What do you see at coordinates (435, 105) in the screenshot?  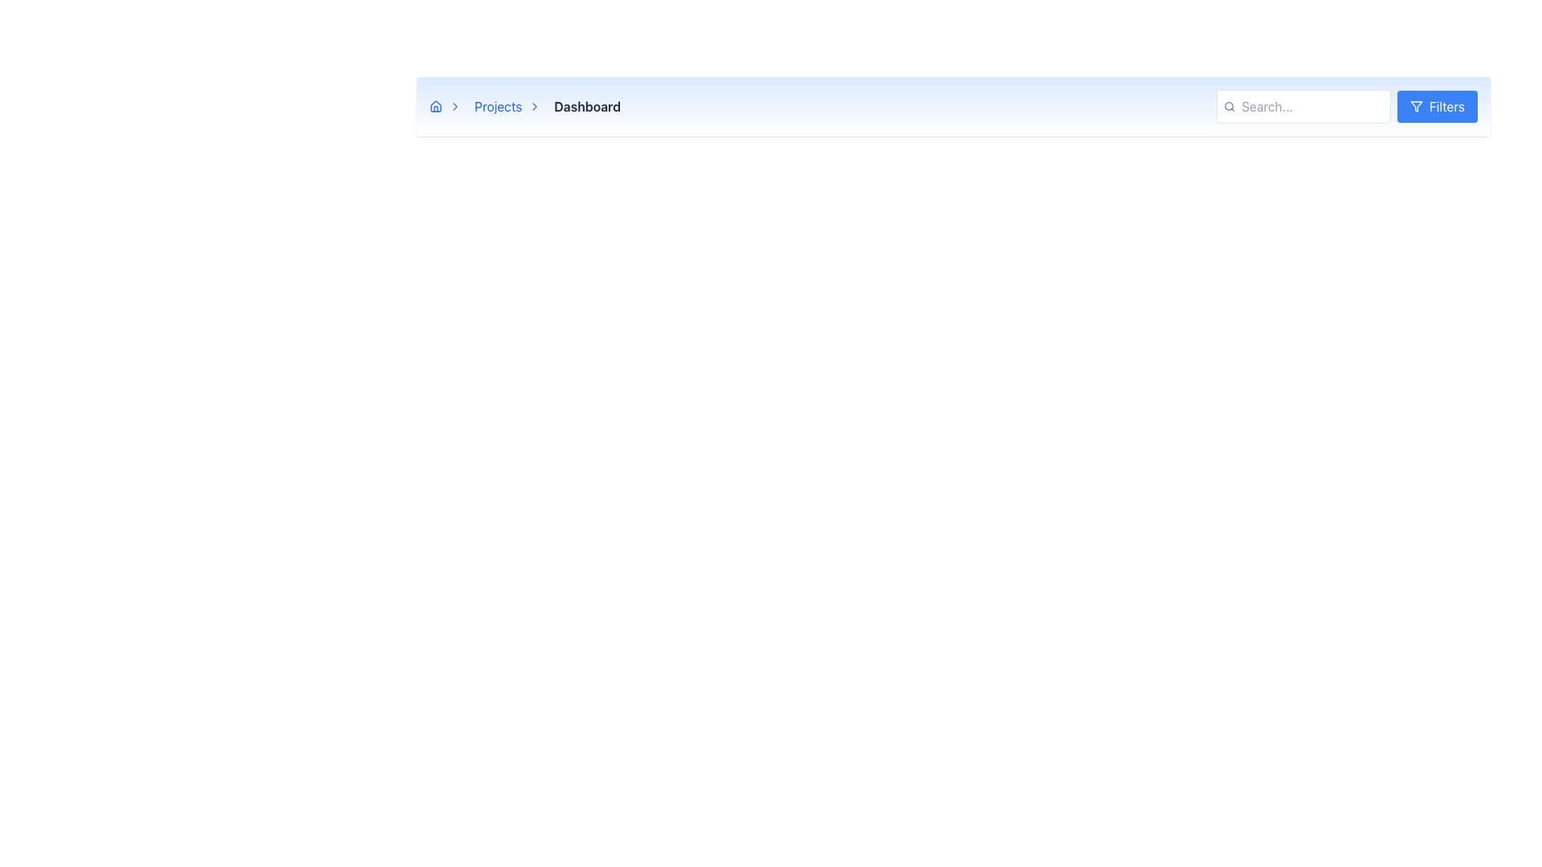 I see `the house icon located at the very left of the breadcrumb navigation bar, which is a minimalist graphical vector icon representing the first item in the breadcrumb flow` at bounding box center [435, 105].